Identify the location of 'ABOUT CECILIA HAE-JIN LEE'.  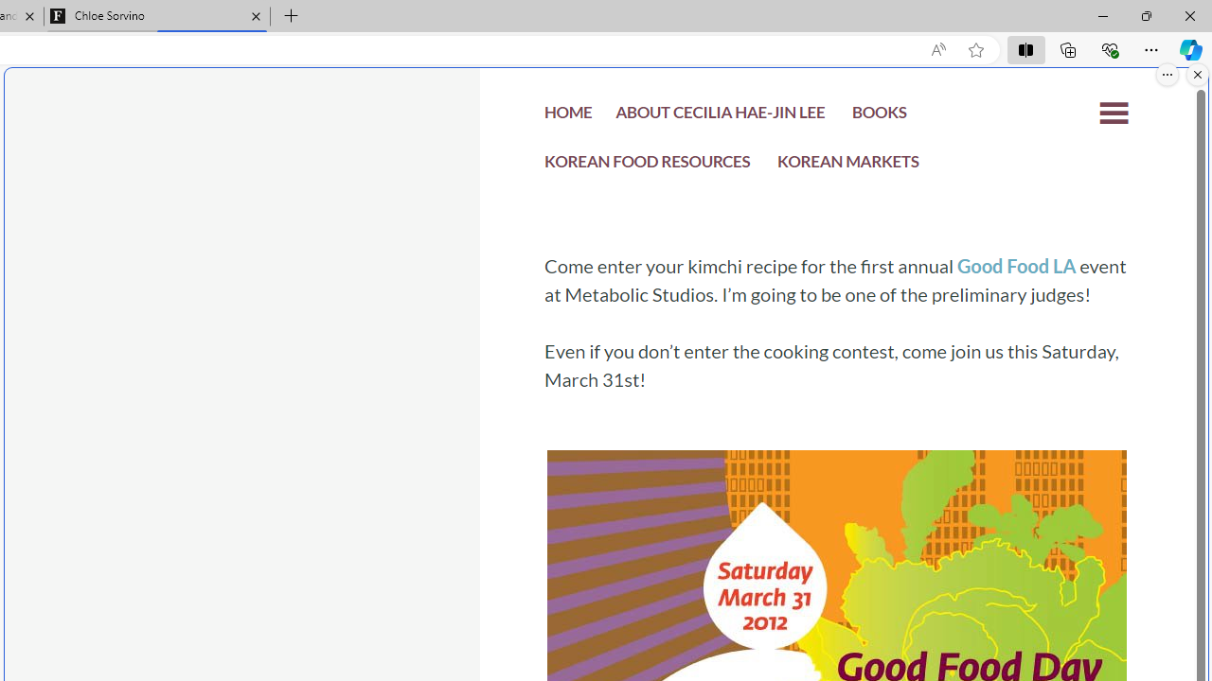
(719, 115).